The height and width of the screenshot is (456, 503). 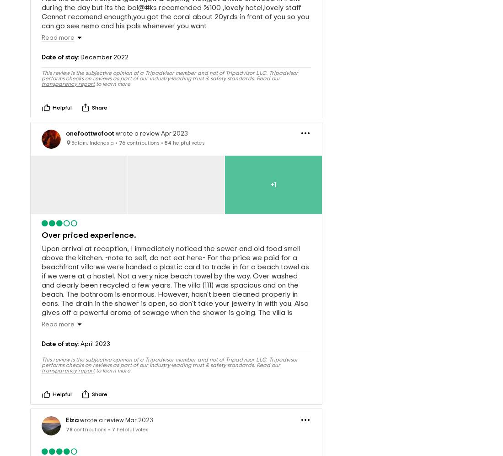 What do you see at coordinates (79, 329) in the screenshot?
I see `'April 2023'` at bounding box center [79, 329].